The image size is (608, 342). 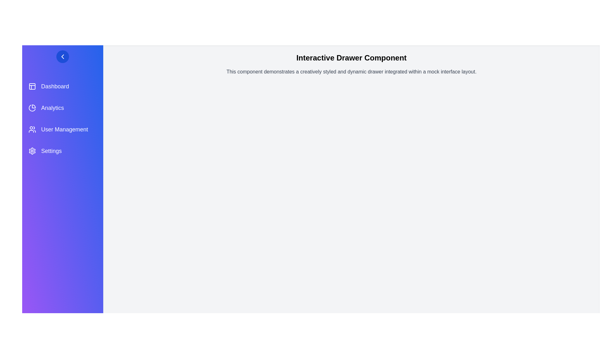 What do you see at coordinates (62, 56) in the screenshot?
I see `the expand/collapse button to toggle the drawer visibility` at bounding box center [62, 56].